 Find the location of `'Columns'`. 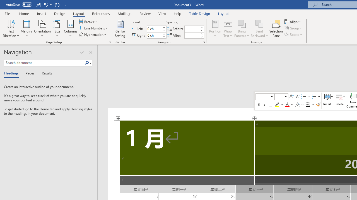

'Columns' is located at coordinates (70, 29).